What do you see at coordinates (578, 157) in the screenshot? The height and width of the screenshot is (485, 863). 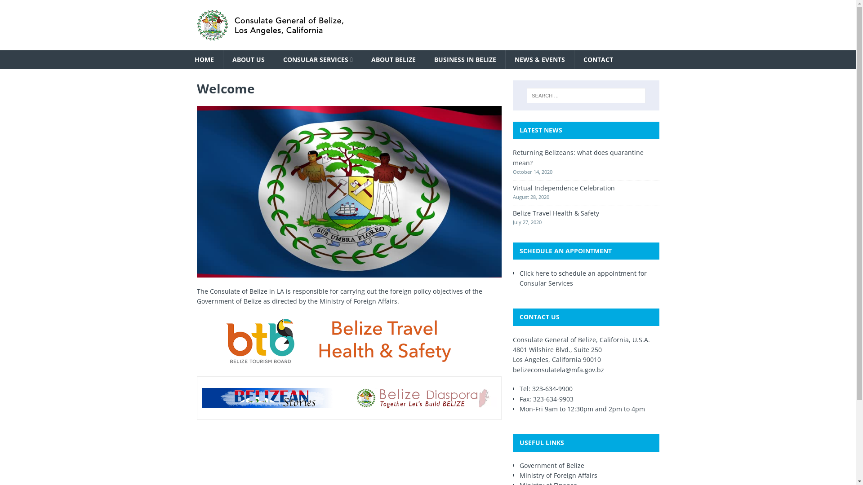 I see `'Returning Belizeans: what does quarantine mean?'` at bounding box center [578, 157].